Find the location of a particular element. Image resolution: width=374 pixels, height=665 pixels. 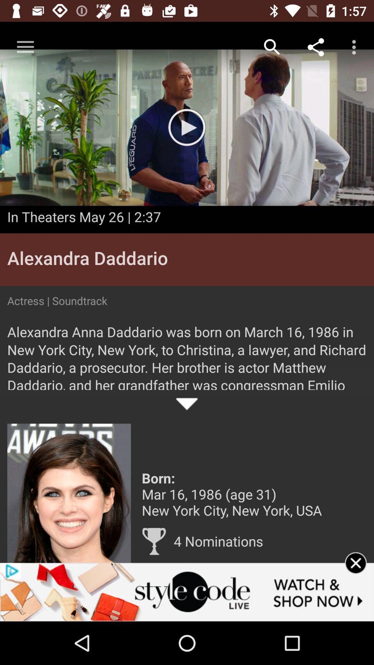

see image is located at coordinates (69, 493).